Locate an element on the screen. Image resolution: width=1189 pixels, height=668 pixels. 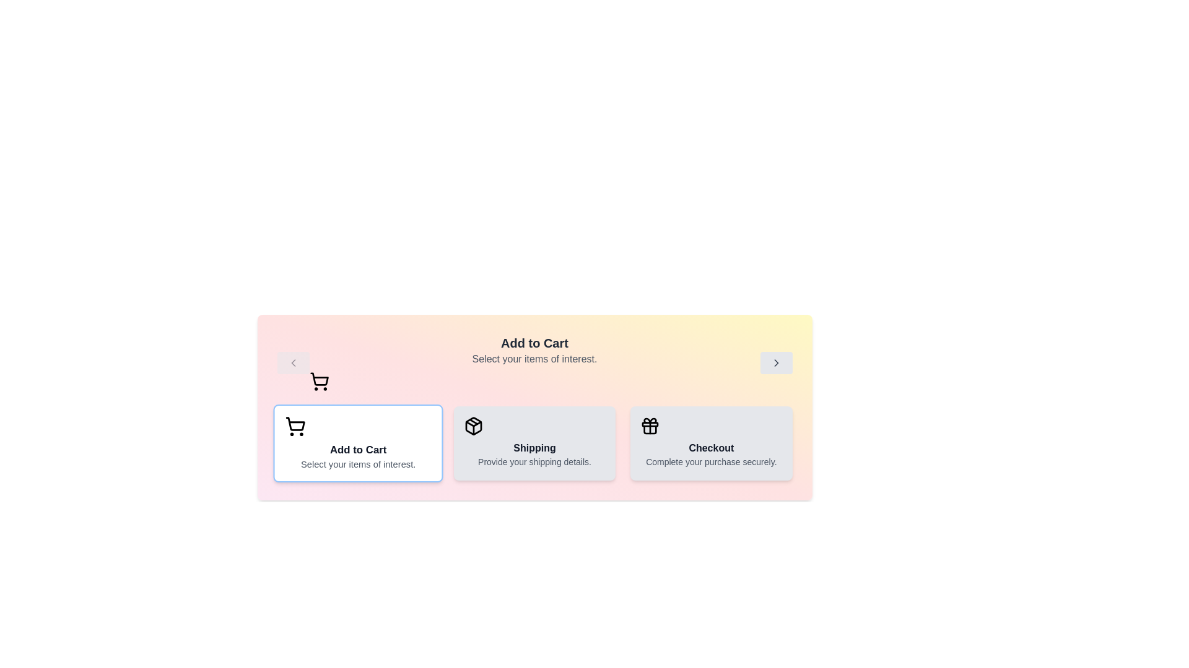
the black outlined package icon within the 'Shipping' card, which is styled in a minimalistic design and located in the second card from the left is located at coordinates (473, 426).